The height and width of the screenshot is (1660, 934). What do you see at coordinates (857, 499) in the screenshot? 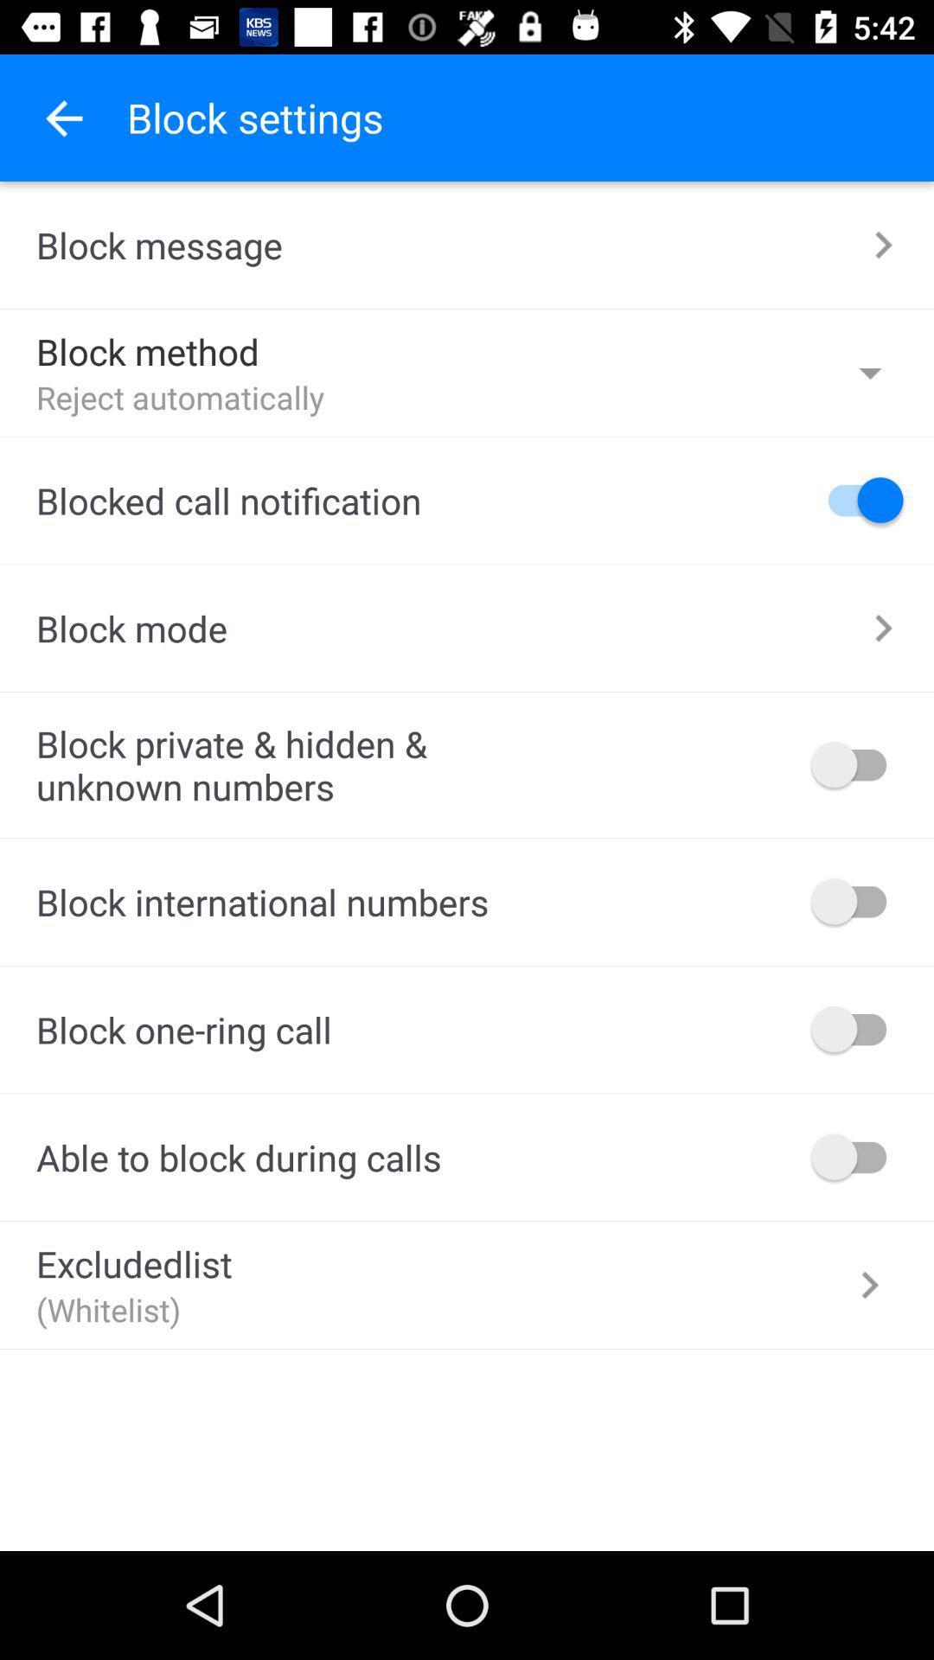
I see `turn off` at bounding box center [857, 499].